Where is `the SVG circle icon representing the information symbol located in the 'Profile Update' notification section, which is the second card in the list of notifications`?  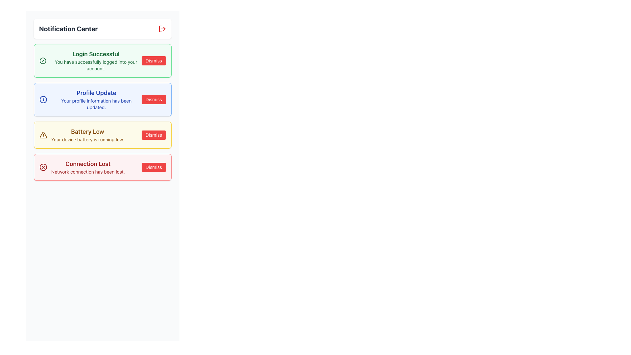
the SVG circle icon representing the information symbol located in the 'Profile Update' notification section, which is the second card in the list of notifications is located at coordinates (43, 100).